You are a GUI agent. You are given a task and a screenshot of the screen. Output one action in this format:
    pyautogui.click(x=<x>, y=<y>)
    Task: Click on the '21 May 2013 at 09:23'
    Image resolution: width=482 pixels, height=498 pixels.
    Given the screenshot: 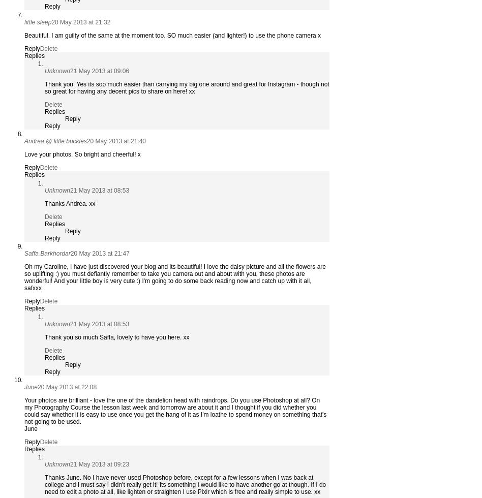 What is the action you would take?
    pyautogui.click(x=99, y=464)
    